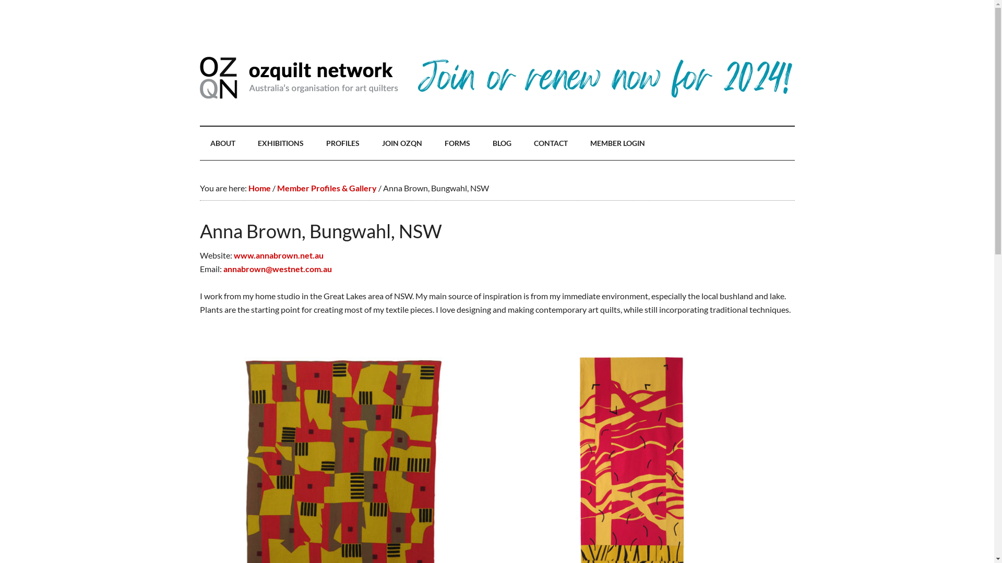 The width and height of the screenshot is (1002, 563). What do you see at coordinates (342, 143) in the screenshot?
I see `'PROFILES'` at bounding box center [342, 143].